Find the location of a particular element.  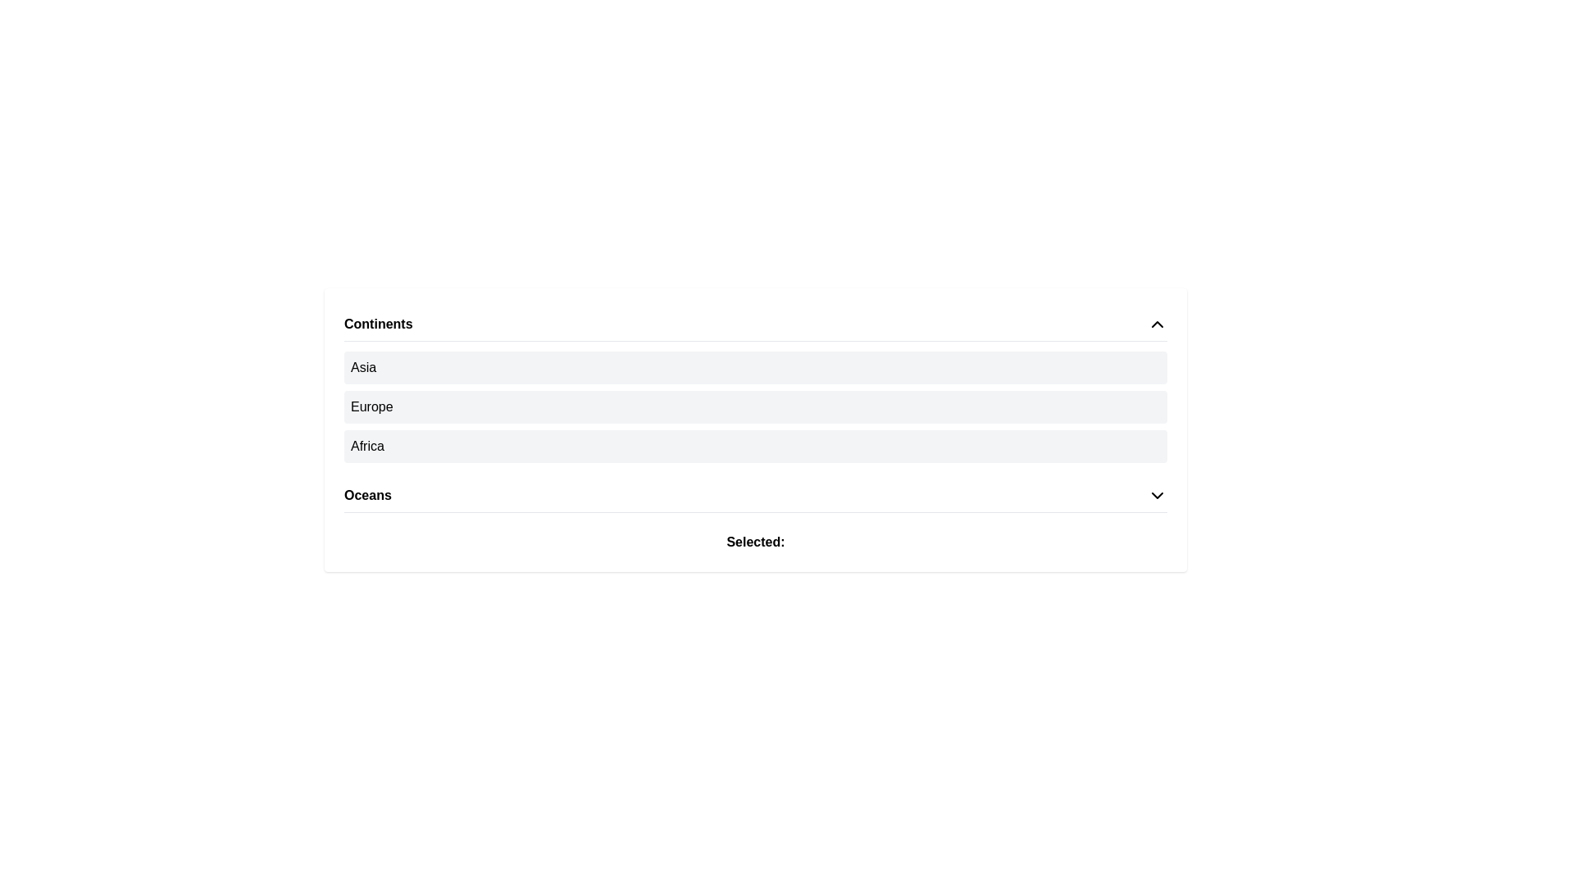

the collapsible section toggle icon located next to the 'Continents' header is located at coordinates (1156, 324).